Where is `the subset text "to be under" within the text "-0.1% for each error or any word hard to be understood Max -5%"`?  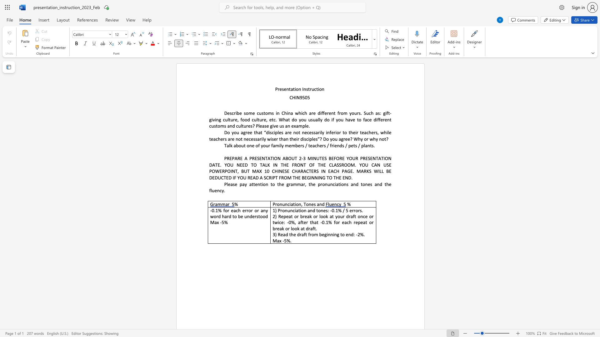
the subset text "to be under" within the text "-0.1% for each error or any word hard to be understood Max -5%" is located at coordinates (232, 216).